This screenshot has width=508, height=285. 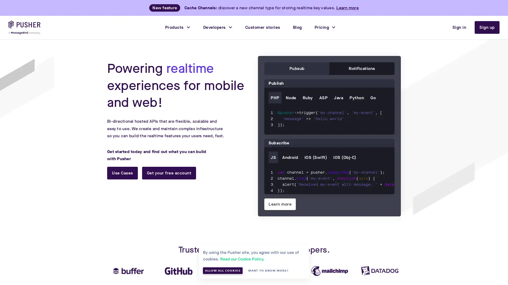 I want to click on Sign up, so click(x=487, y=27).